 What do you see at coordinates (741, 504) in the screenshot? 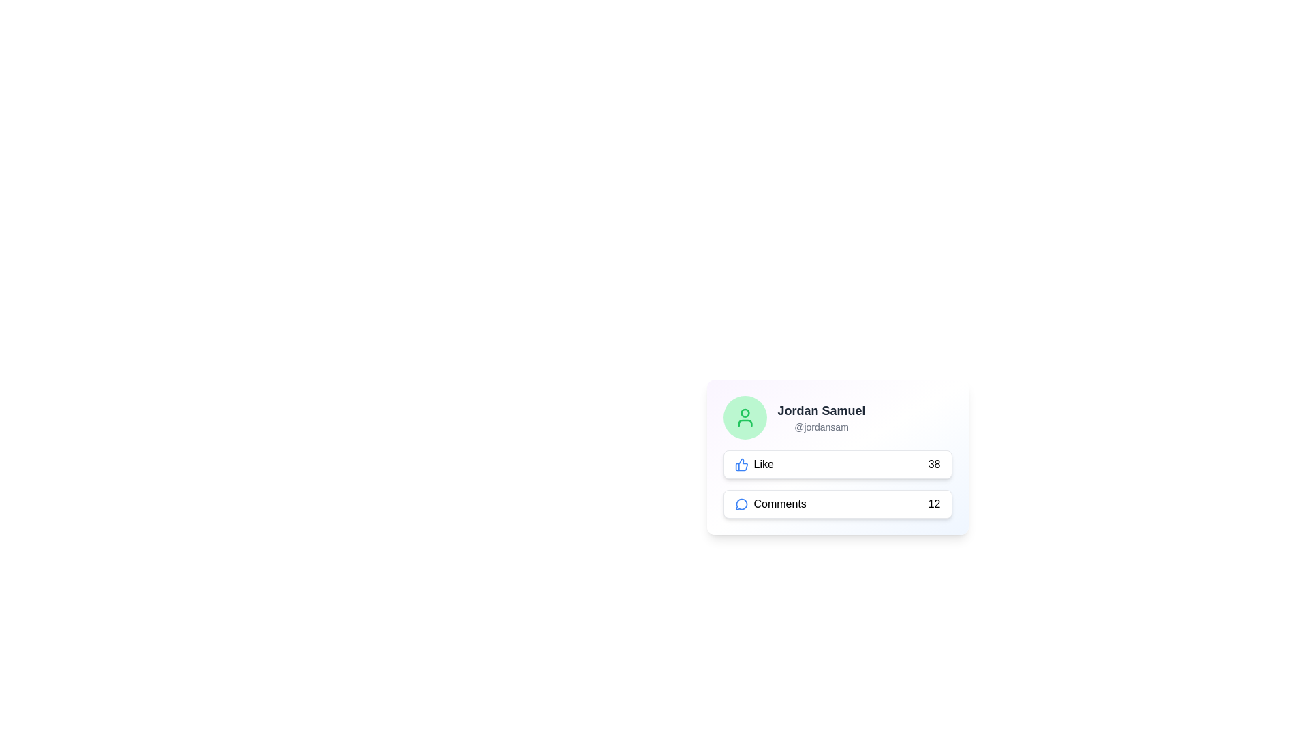
I see `the decorative graphic element that forms part of the speech bubble icon, which is blue and rounded, located to the right of the 'Comments' text` at bounding box center [741, 504].